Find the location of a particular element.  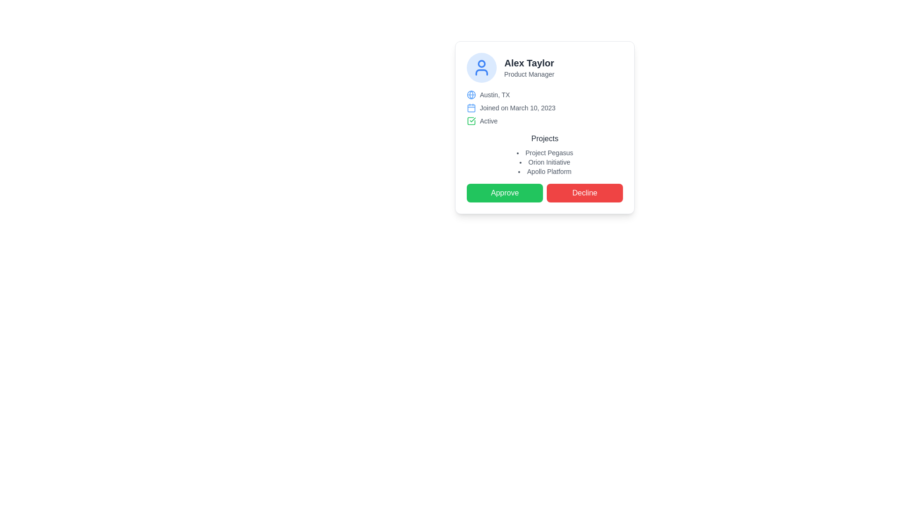

the static text label that serves as a descriptor for the job title or role of the individual named 'Alex Taylor', located directly beneath the 'Alex Taylor' text in the top-left section of the card layout is located at coordinates (529, 73).